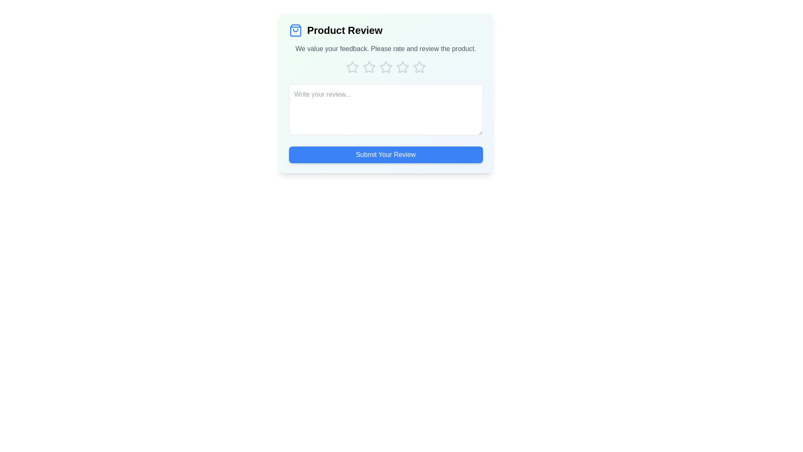 This screenshot has height=452, width=803. What do you see at coordinates (385, 49) in the screenshot?
I see `the text that reads 'We value your feedback. Please rate and review the product.' which is centrally positioned in the feedback panel, located below the title 'Product Review'` at bounding box center [385, 49].